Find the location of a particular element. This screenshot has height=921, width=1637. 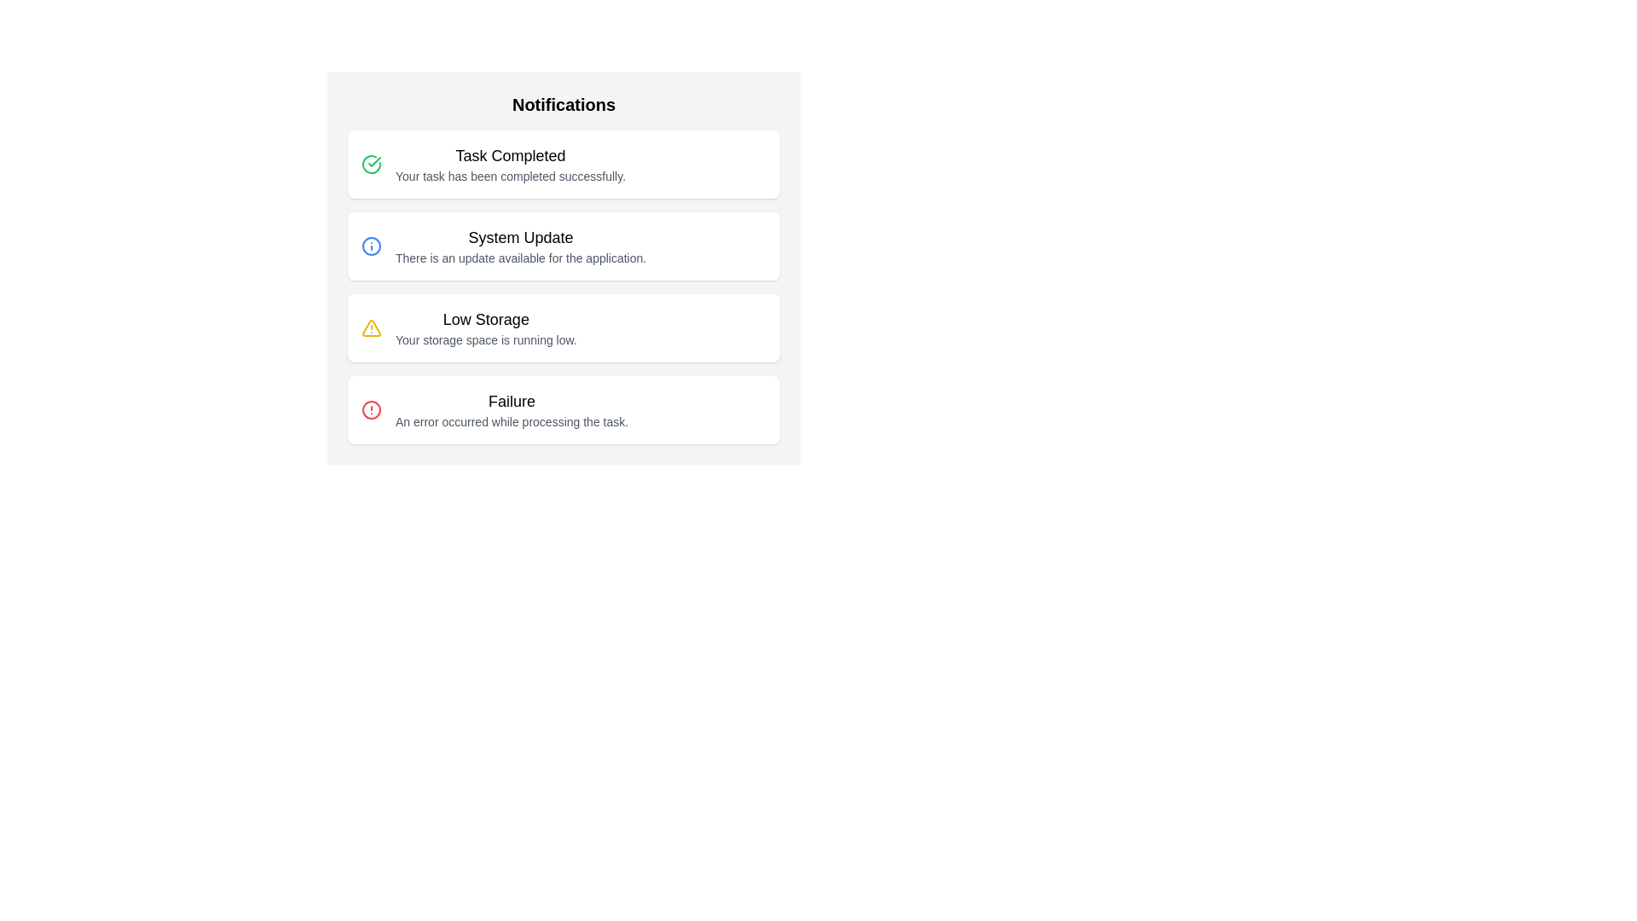

text of the error notification title label located at the bottom section of the list of notifications, specifically in the fourth section titled 'Failure' is located at coordinates (511, 401).